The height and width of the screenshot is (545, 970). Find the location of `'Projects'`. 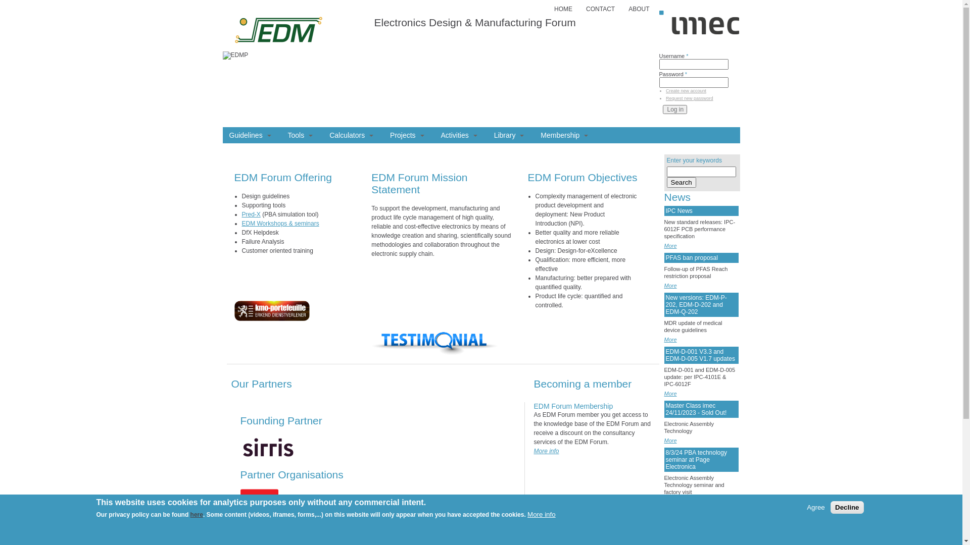

'Projects' is located at coordinates (407, 134).